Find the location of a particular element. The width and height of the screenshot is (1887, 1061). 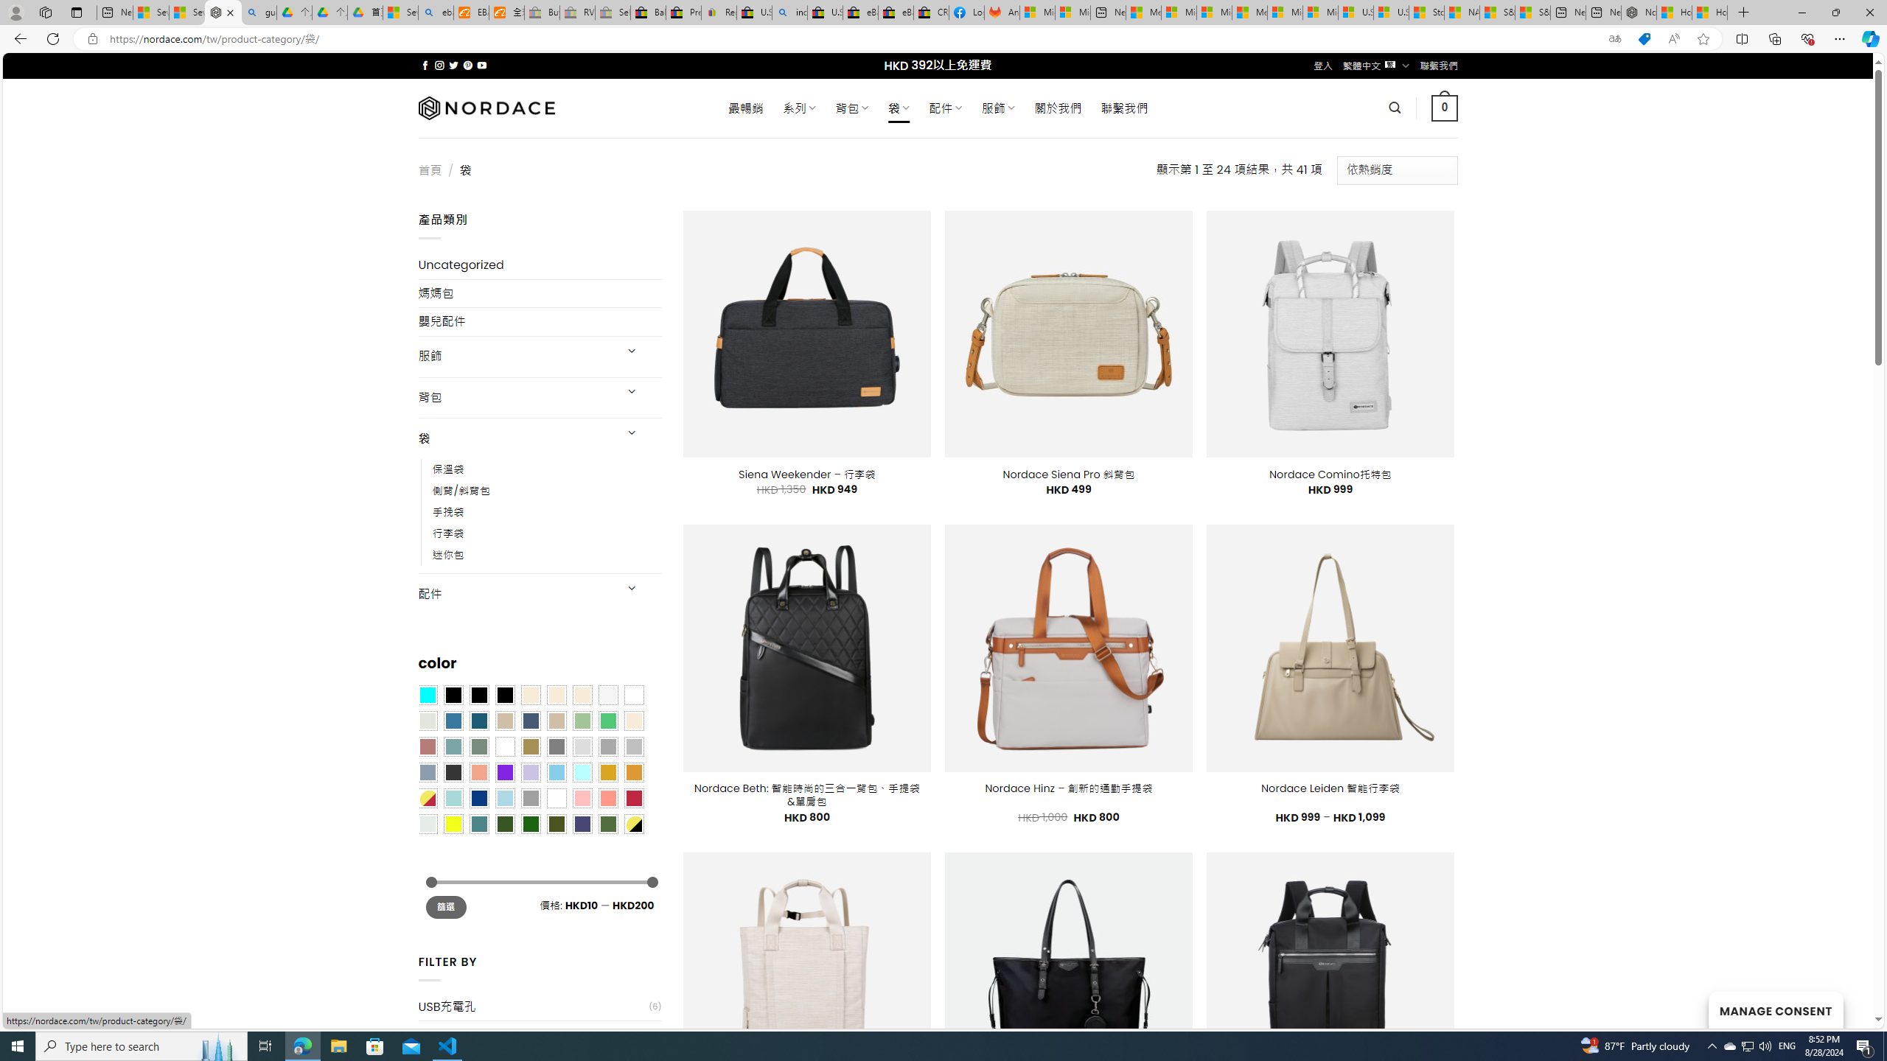

'including - Search' is located at coordinates (789, 12).